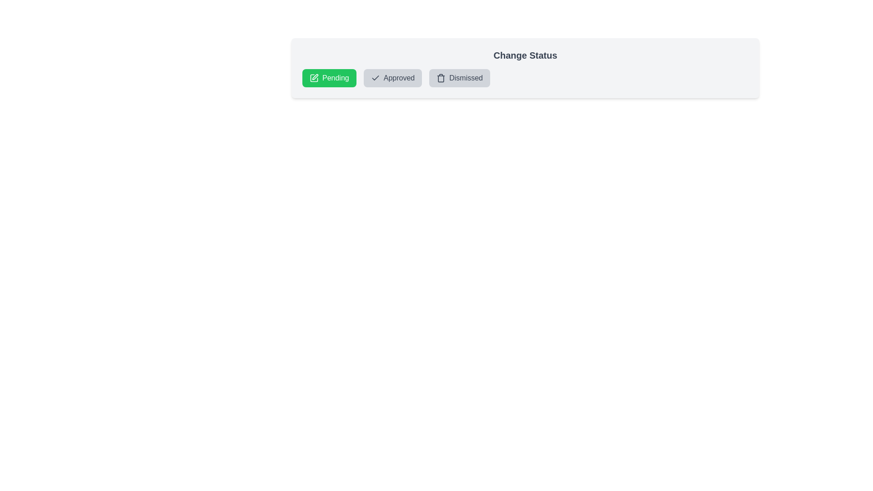 The height and width of the screenshot is (491, 873). Describe the element at coordinates (393, 78) in the screenshot. I see `the status chip labeled 'Approved' to observe its hover effect` at that location.